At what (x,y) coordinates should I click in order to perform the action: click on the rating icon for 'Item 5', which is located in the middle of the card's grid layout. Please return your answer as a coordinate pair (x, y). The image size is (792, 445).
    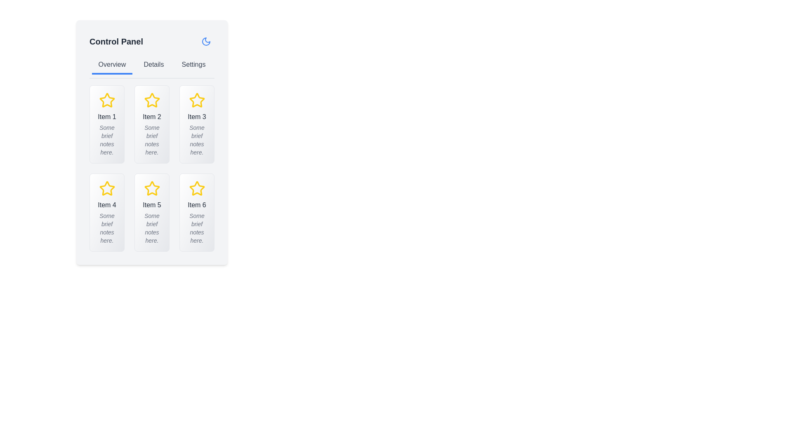
    Looking at the image, I should click on (152, 189).